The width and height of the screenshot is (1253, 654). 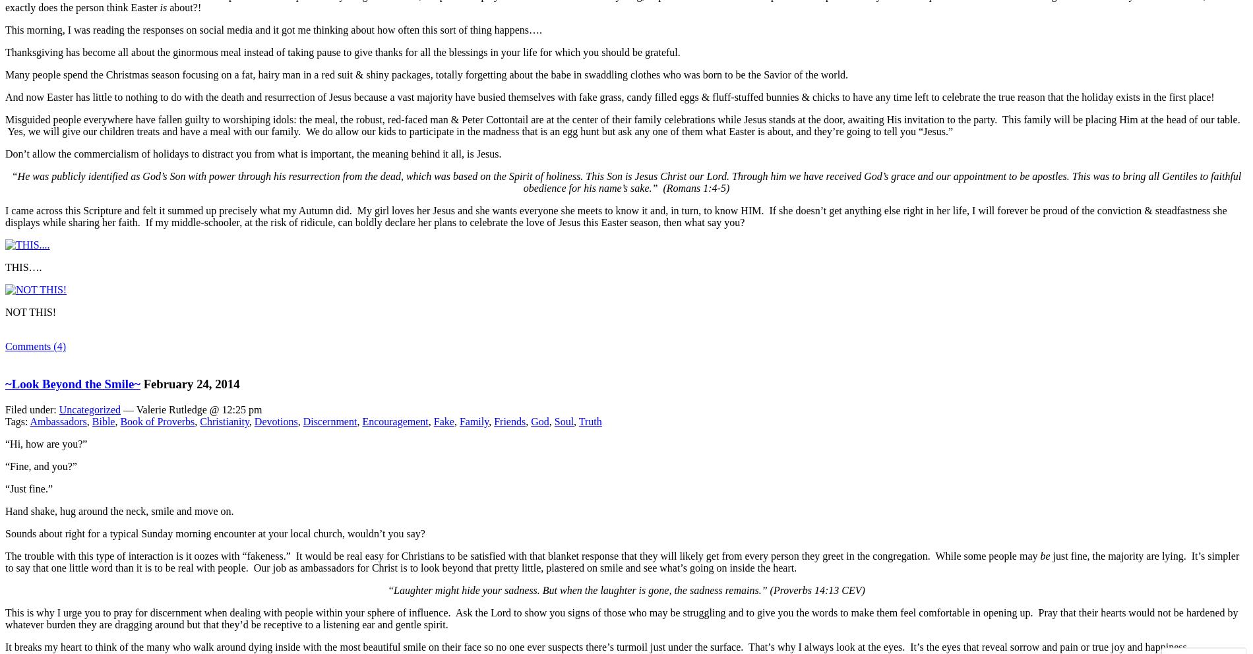 What do you see at coordinates (46, 442) in the screenshot?
I see `'“Hi, how are you?”'` at bounding box center [46, 442].